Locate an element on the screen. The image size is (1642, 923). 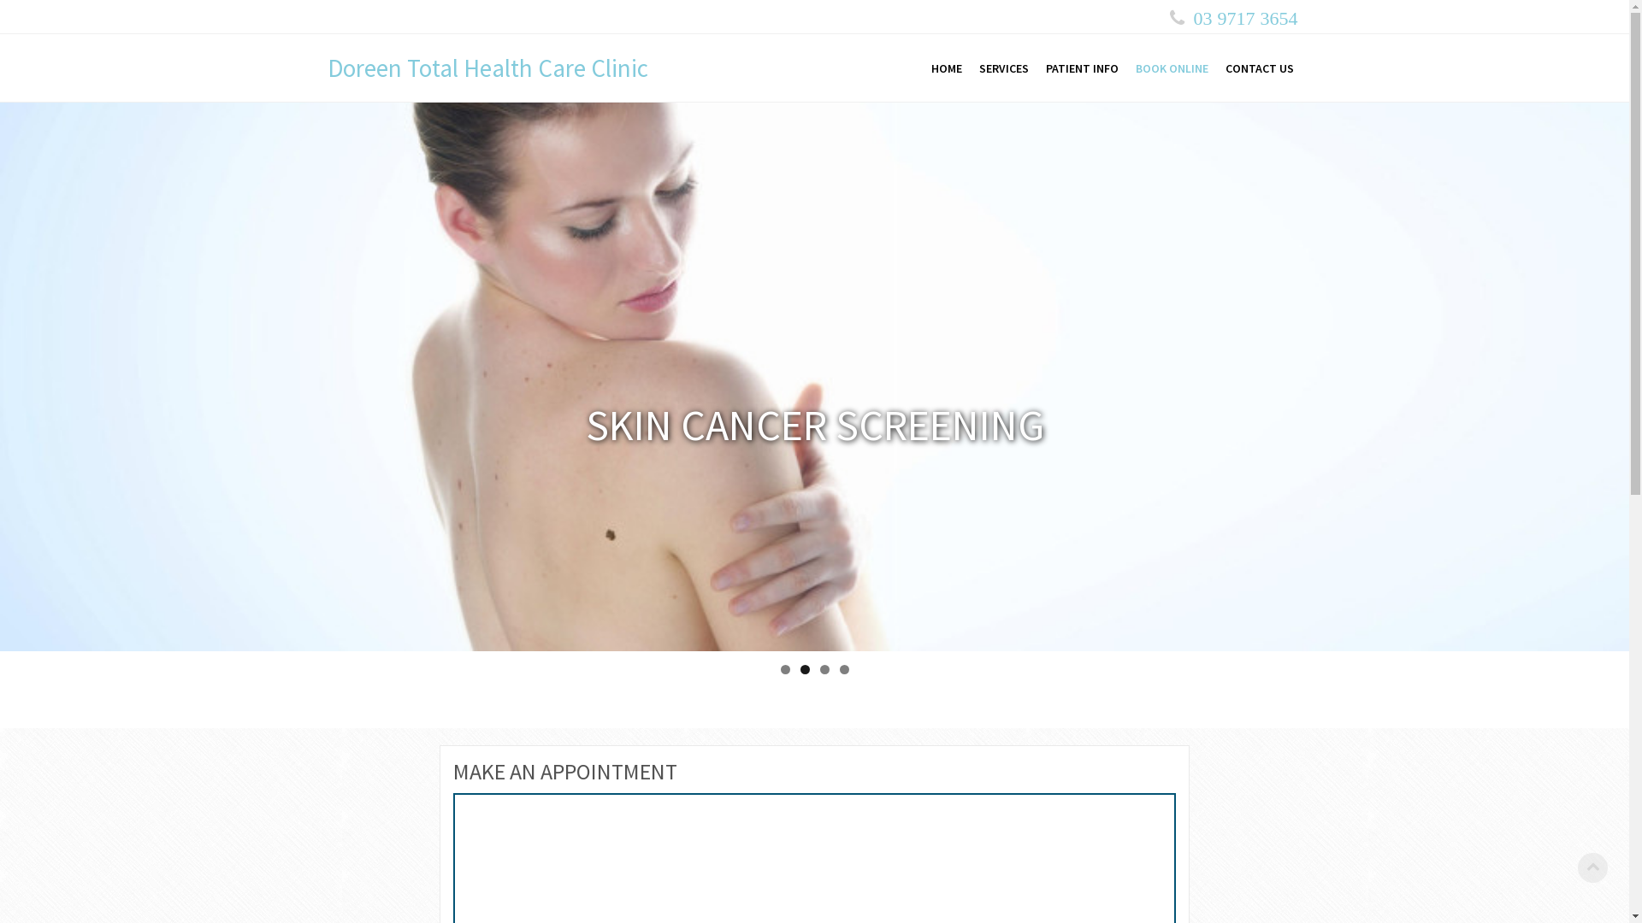
'CONTACT US' is located at coordinates (1259, 68).